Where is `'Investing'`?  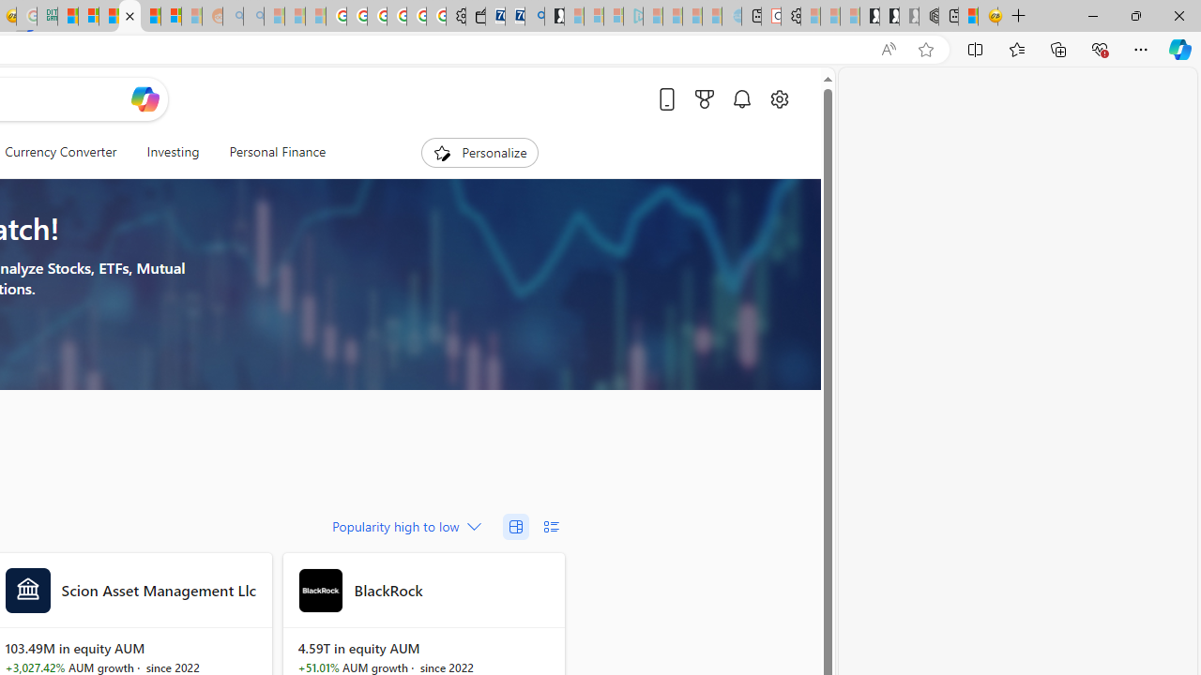
'Investing' is located at coordinates (173, 152).